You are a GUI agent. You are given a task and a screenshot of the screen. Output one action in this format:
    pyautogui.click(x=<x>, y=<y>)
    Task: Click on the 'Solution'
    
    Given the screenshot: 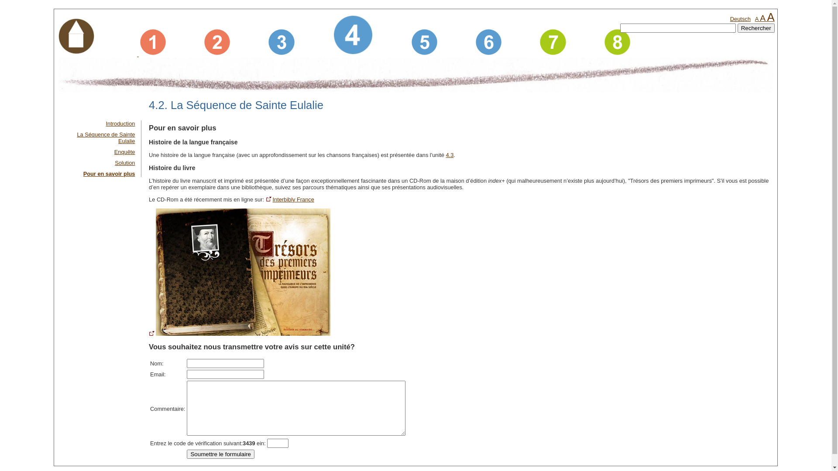 What is the action you would take?
    pyautogui.click(x=124, y=163)
    